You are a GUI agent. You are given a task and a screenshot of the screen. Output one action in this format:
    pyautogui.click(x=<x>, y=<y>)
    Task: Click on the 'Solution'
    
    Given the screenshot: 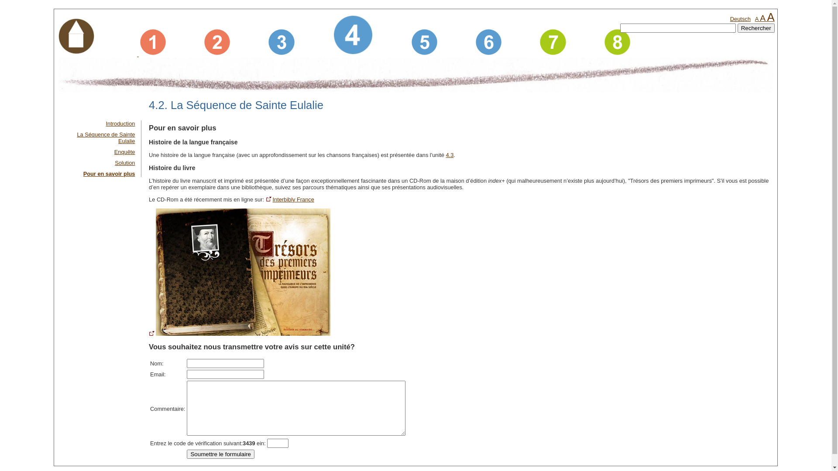 What is the action you would take?
    pyautogui.click(x=124, y=163)
    